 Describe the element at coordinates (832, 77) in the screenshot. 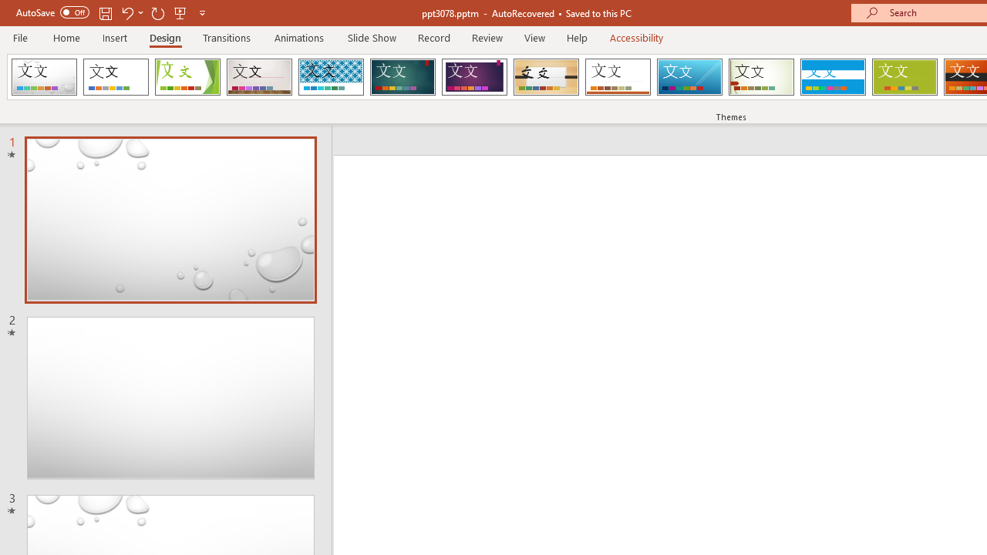

I see `'Banded'` at that location.